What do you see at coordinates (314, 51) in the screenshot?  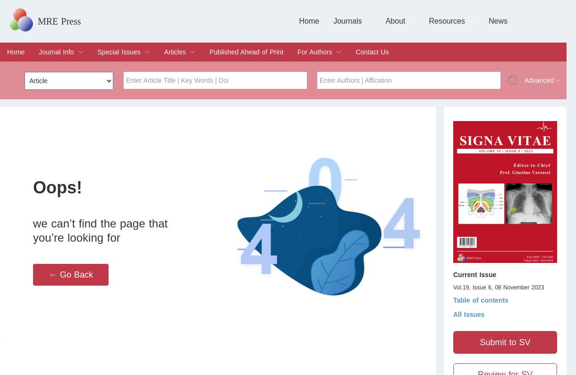 I see `'For Authors'` at bounding box center [314, 51].